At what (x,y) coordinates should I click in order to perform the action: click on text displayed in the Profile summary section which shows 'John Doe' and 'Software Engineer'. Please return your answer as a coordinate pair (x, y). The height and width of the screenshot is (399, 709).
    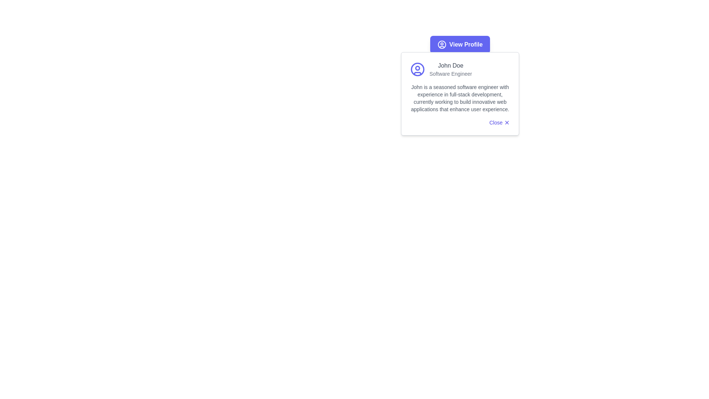
    Looking at the image, I should click on (460, 69).